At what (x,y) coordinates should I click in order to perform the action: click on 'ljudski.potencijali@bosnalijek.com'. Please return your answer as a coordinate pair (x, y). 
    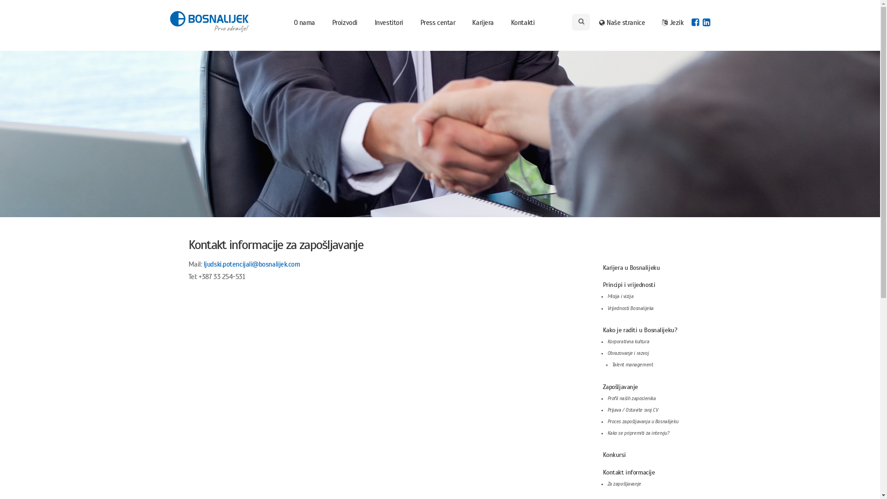
    Looking at the image, I should click on (203, 264).